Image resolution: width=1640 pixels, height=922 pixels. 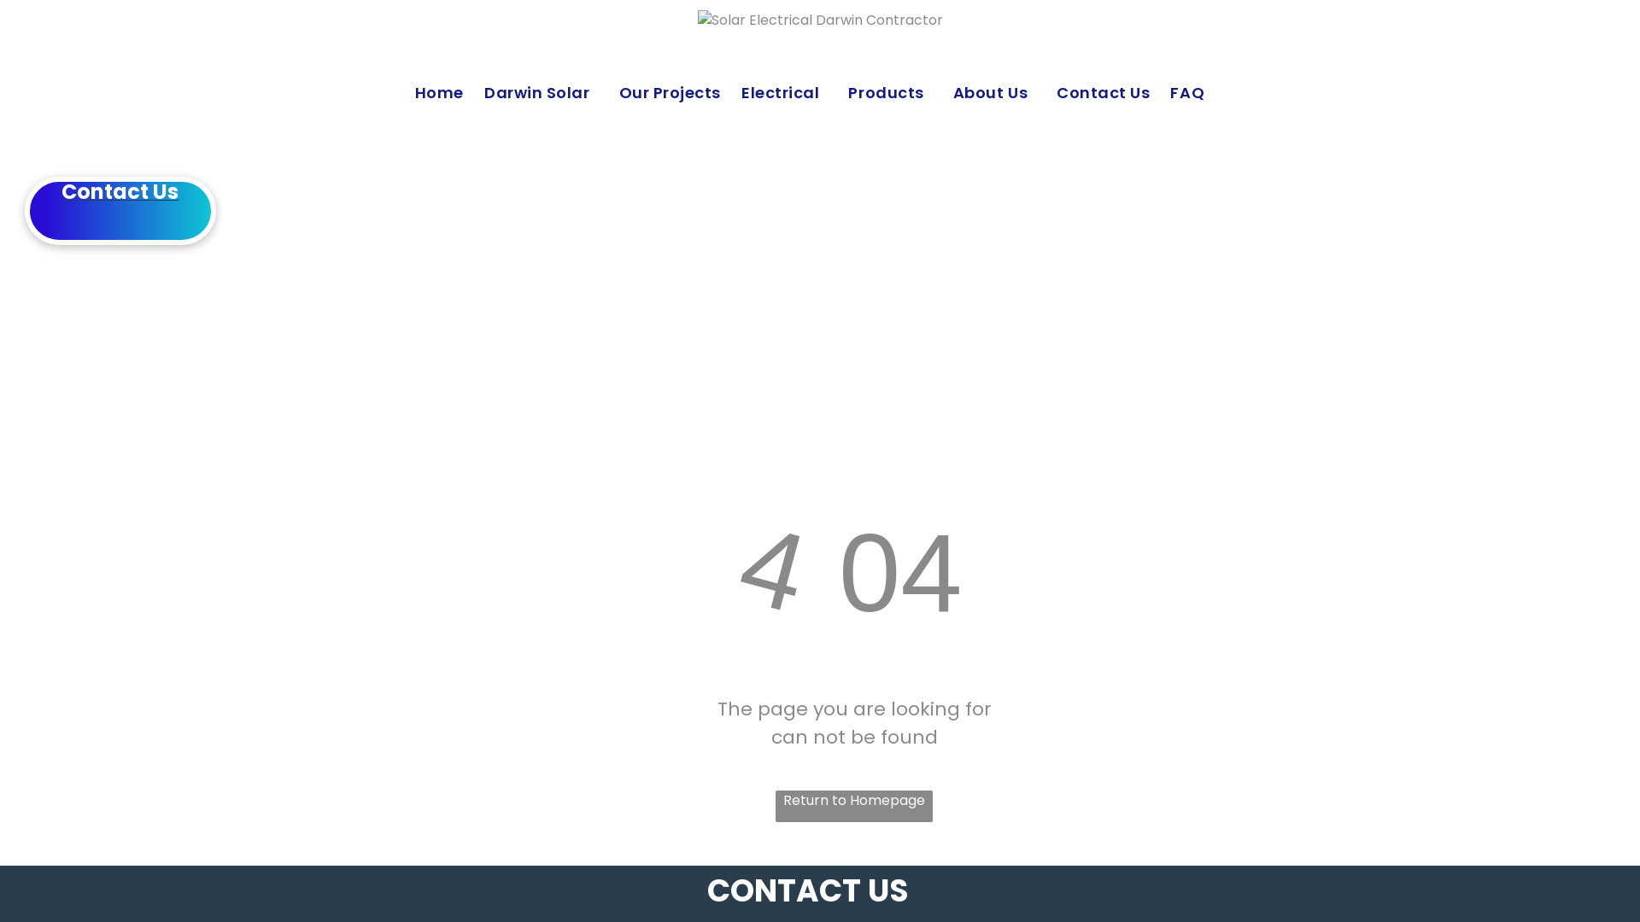 I want to click on 'Return to Homepage', so click(x=853, y=806).